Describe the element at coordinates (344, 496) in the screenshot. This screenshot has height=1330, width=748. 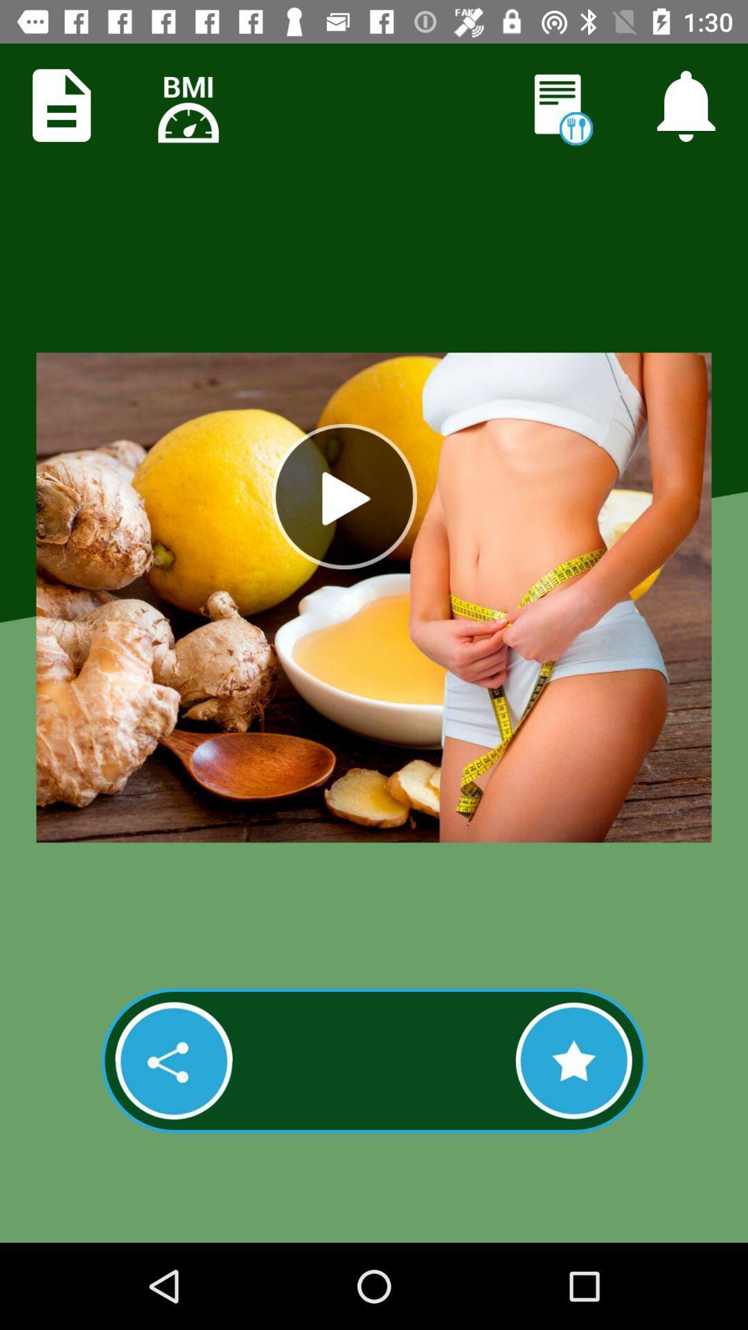
I see `play` at that location.